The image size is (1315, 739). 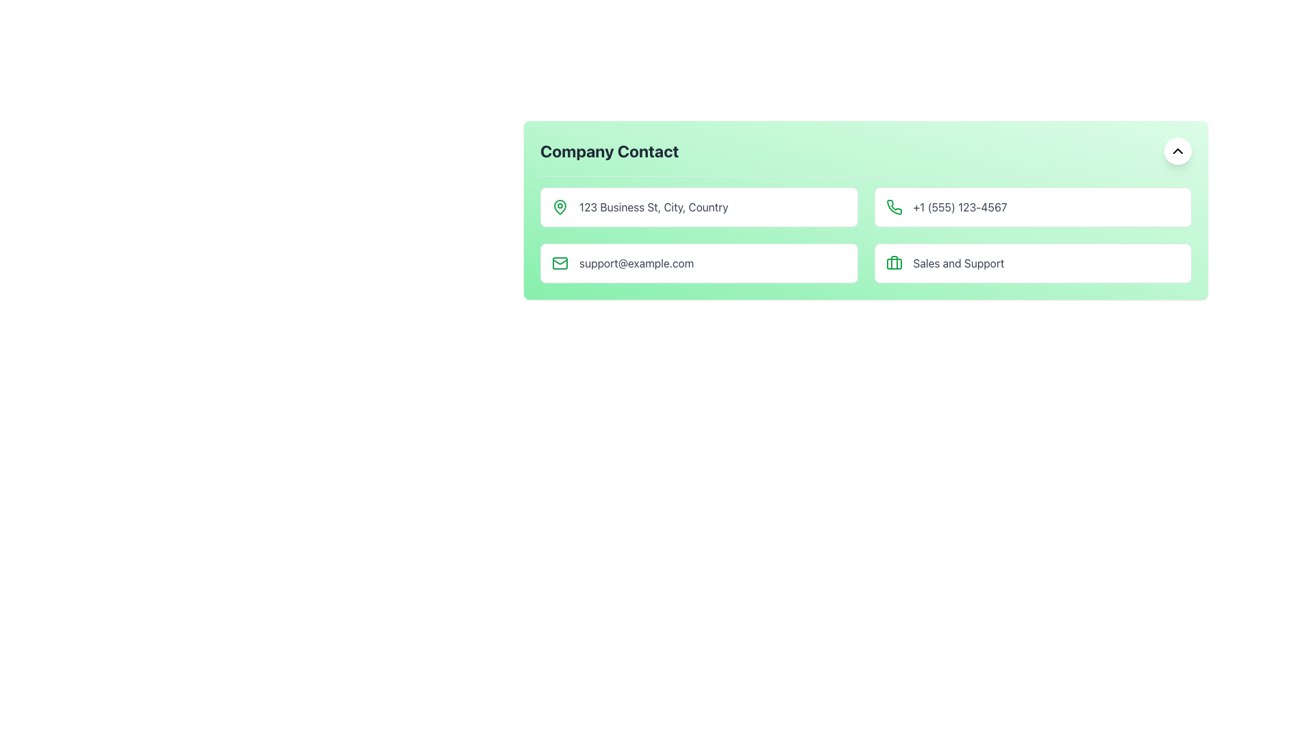 I want to click on email address displayed on the informational card located in the second row, first column of the grid, which is directly below the address card and adjacent to the Sales and Support card, so click(x=699, y=263).